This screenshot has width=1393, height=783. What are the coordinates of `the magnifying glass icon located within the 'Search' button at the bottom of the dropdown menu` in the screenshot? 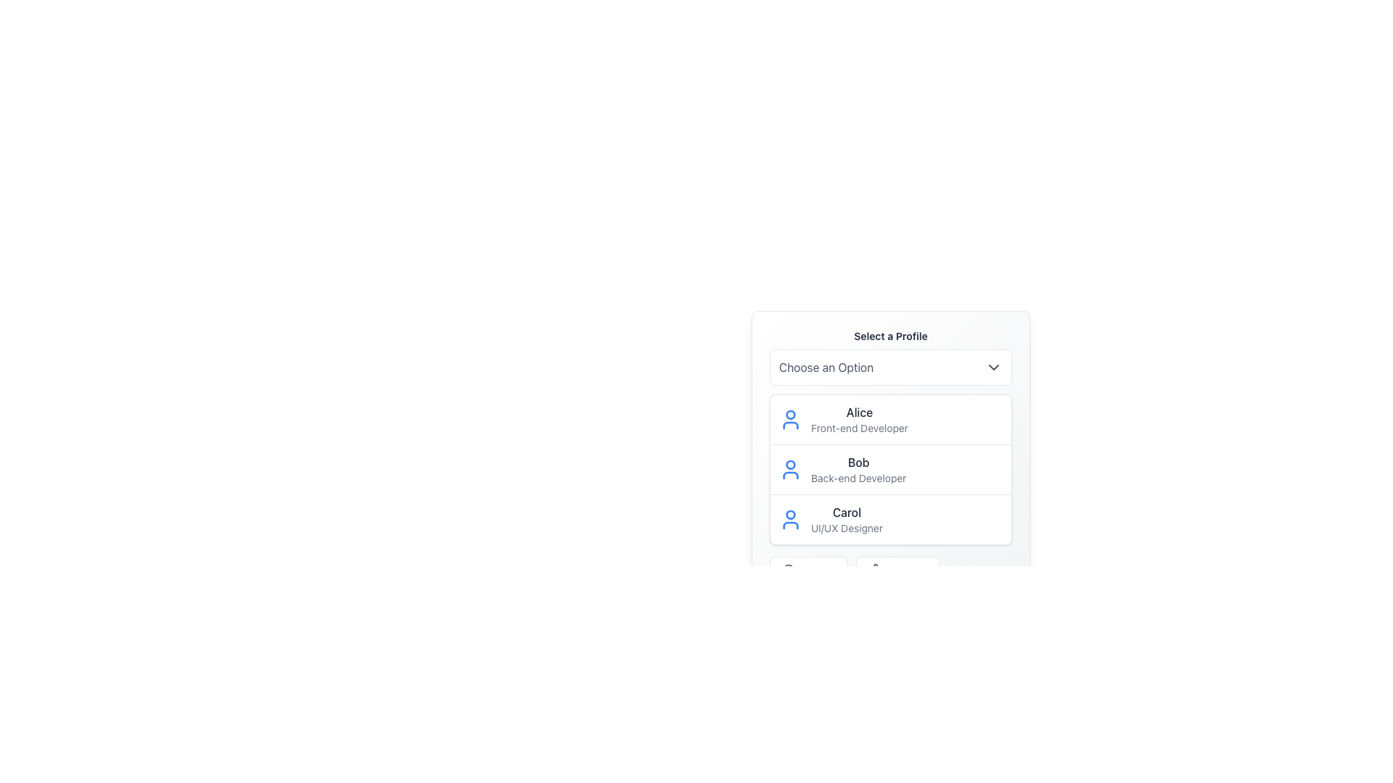 It's located at (789, 569).